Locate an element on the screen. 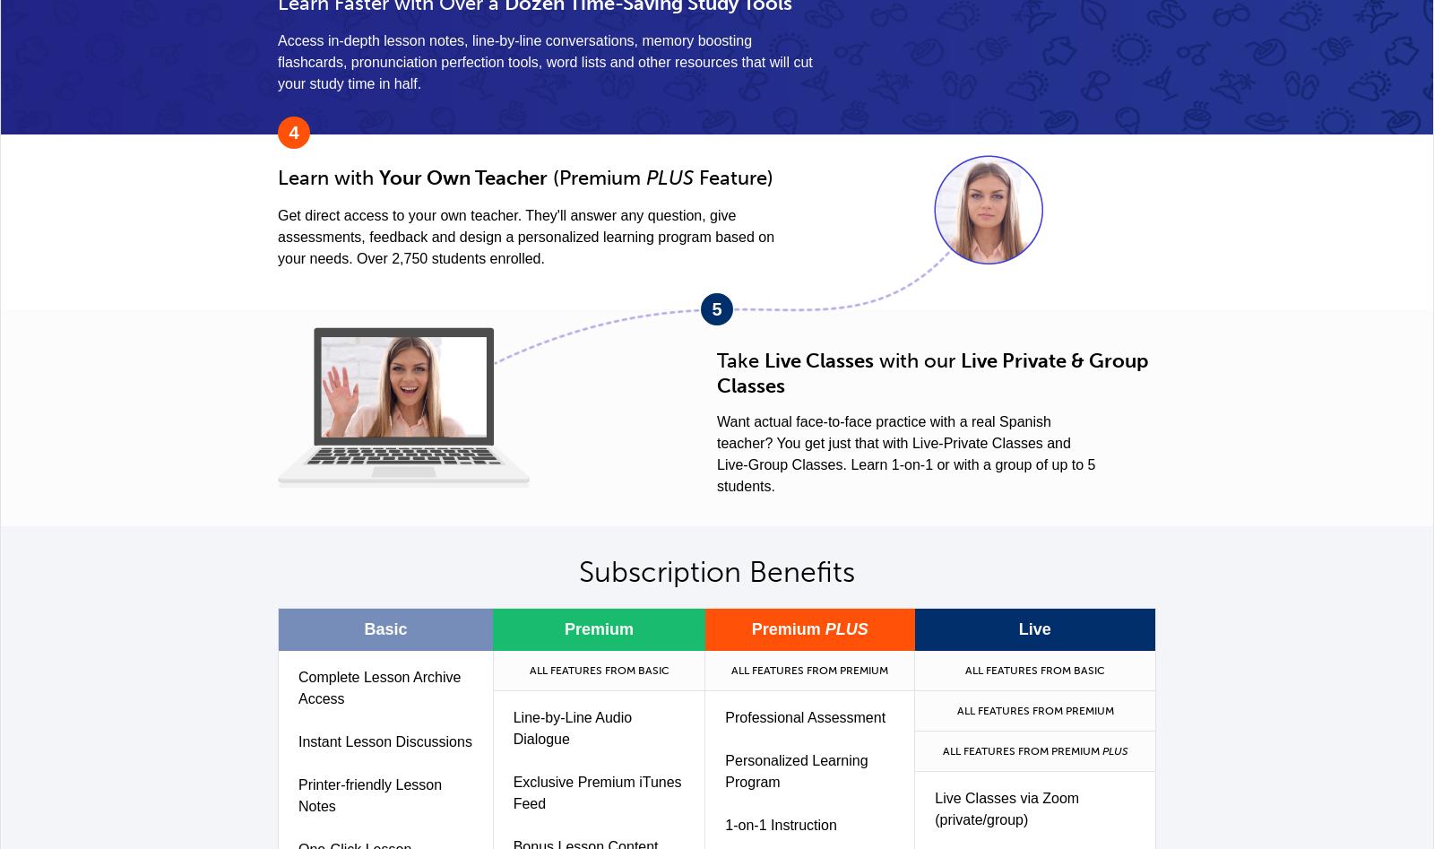  '5' is located at coordinates (716, 308).